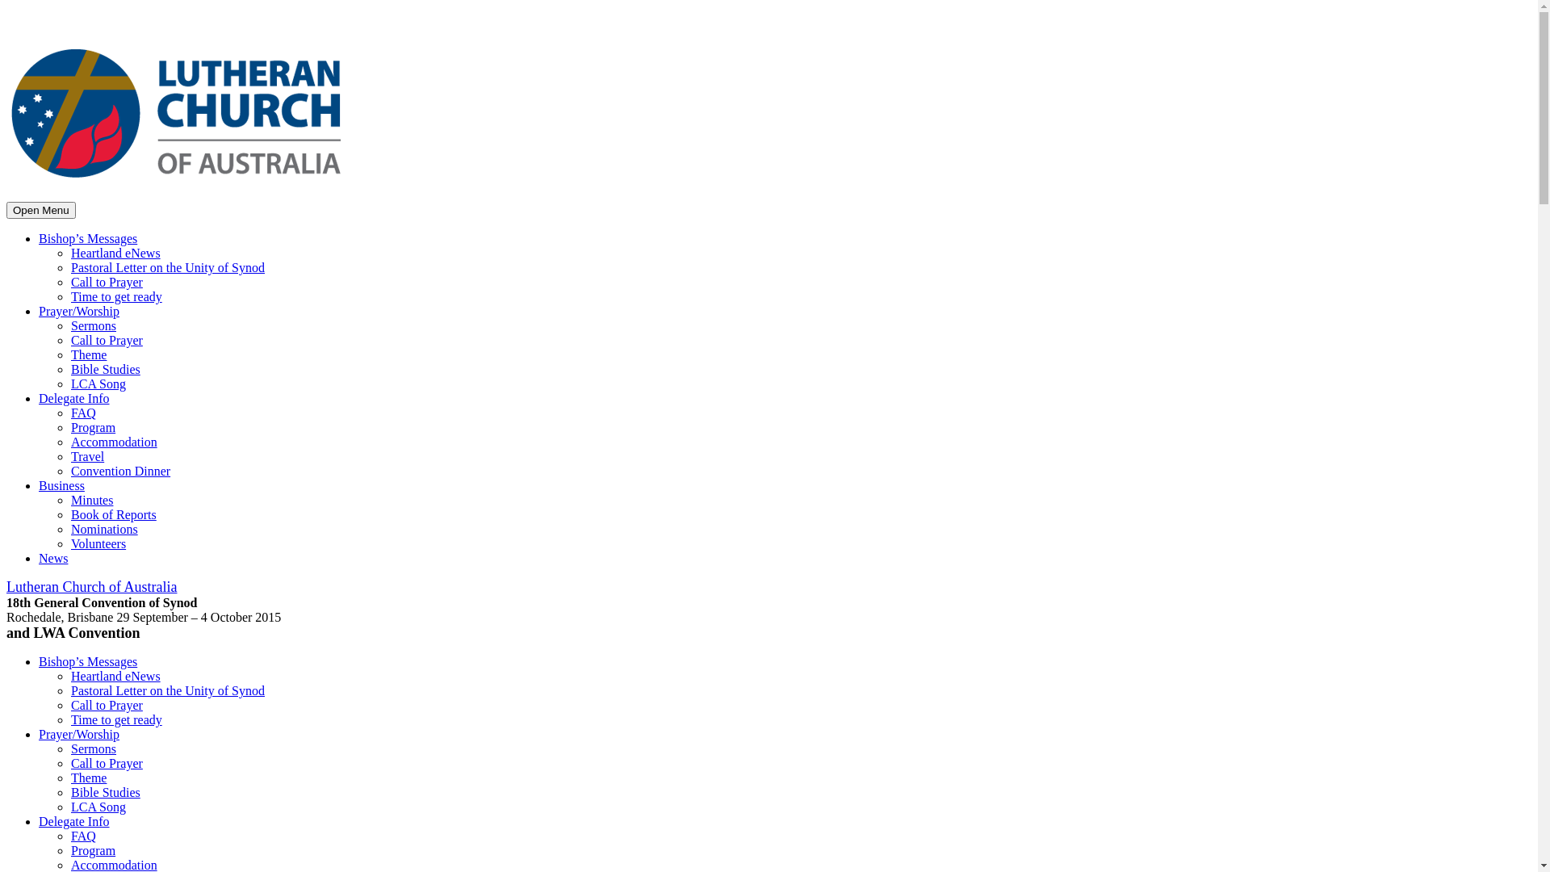 The height and width of the screenshot is (872, 1550). What do you see at coordinates (88, 777) in the screenshot?
I see `'Theme'` at bounding box center [88, 777].